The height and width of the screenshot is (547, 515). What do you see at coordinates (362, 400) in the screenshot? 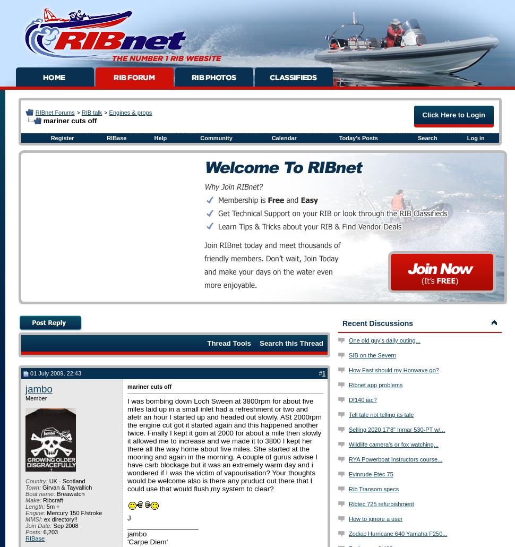
I see `'Df140 iac?'` at bounding box center [362, 400].